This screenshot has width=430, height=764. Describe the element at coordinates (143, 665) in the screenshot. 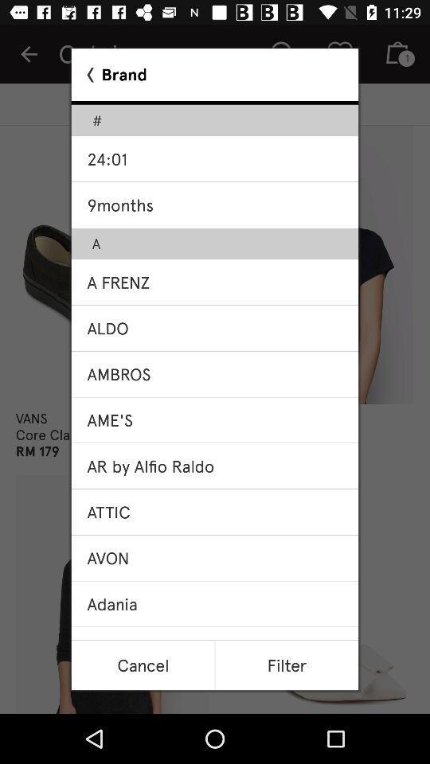

I see `cancel` at that location.